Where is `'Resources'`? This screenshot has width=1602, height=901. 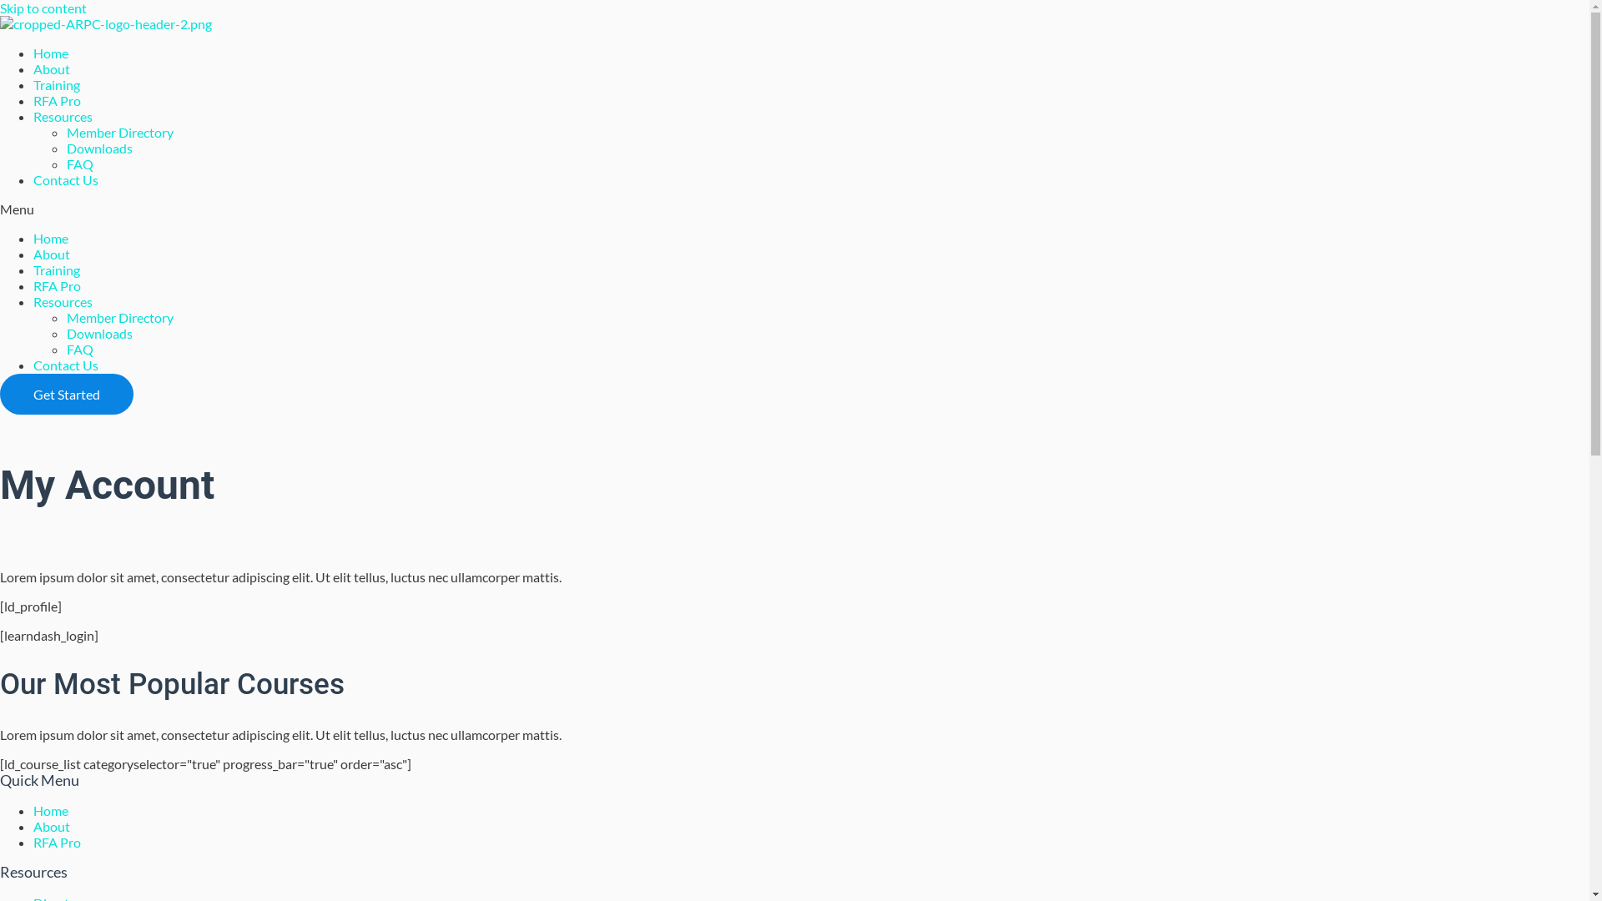 'Resources' is located at coordinates (63, 301).